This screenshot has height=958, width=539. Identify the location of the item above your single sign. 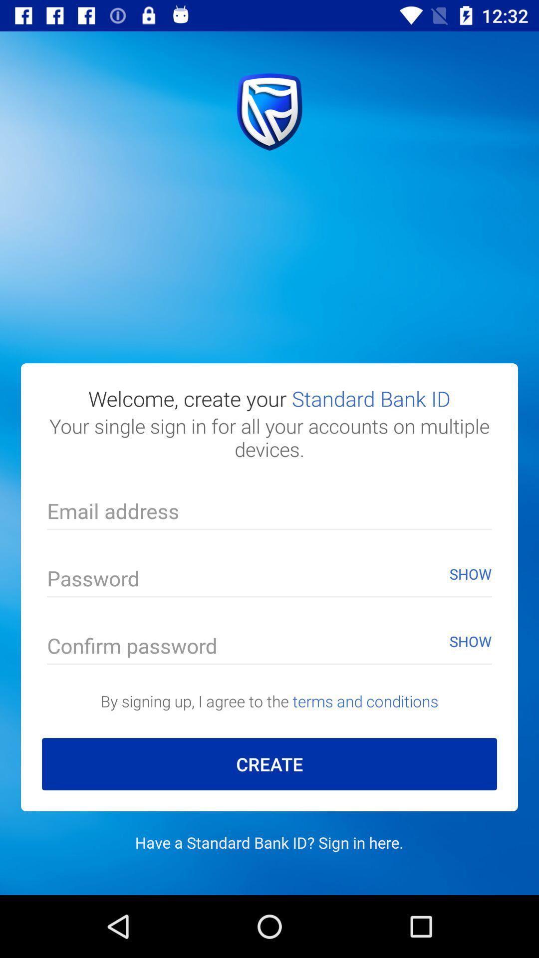
(269, 398).